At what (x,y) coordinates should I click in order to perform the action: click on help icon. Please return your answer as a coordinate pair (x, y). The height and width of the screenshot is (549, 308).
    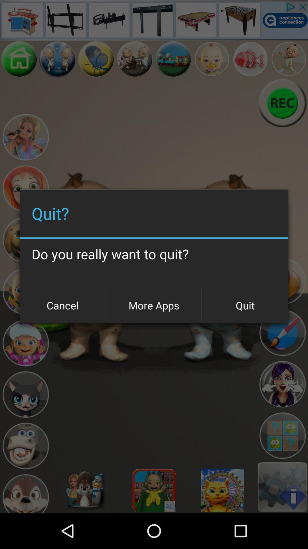
    Looking at the image, I should click on (282, 435).